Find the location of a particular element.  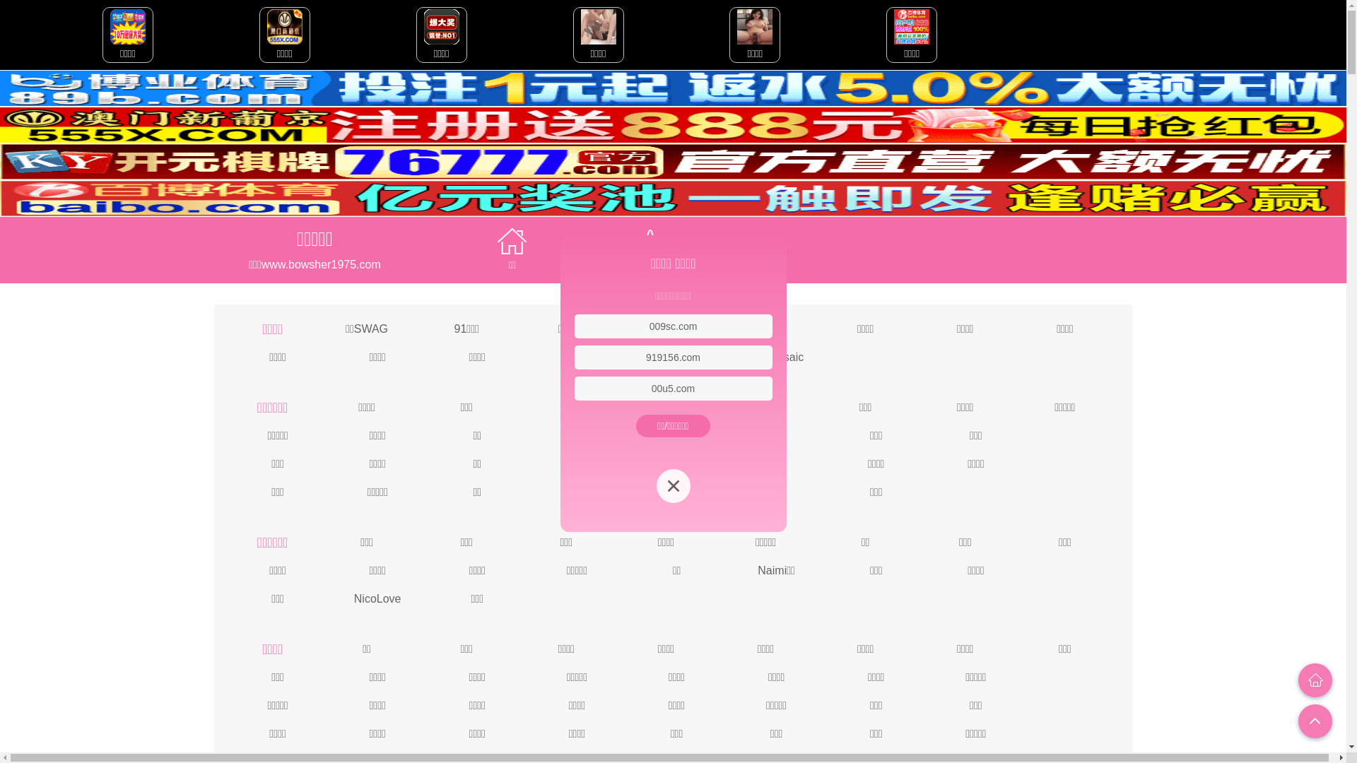

'919156.com' is located at coordinates (672, 356).